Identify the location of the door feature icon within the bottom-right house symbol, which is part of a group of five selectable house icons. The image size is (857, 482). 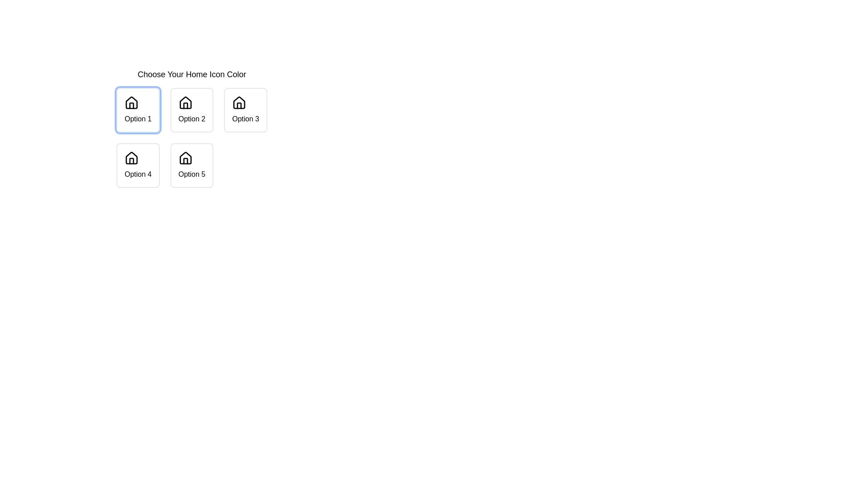
(185, 161).